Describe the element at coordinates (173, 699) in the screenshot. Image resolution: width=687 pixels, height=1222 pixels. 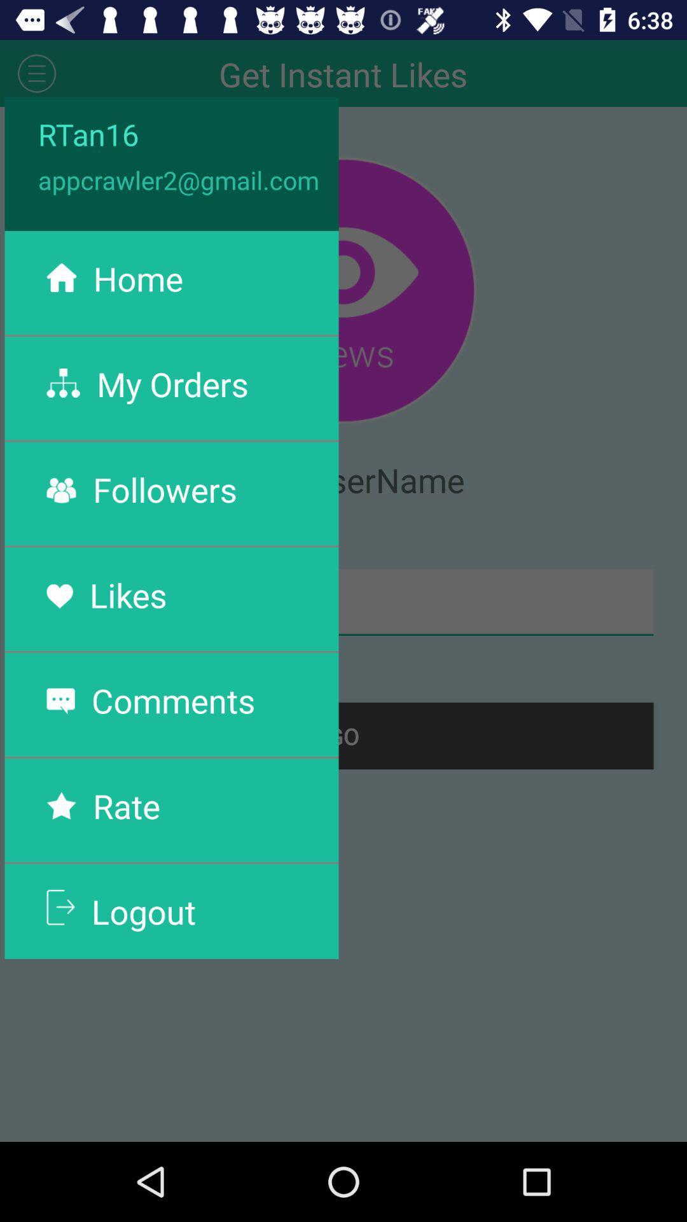
I see `comments icon` at that location.